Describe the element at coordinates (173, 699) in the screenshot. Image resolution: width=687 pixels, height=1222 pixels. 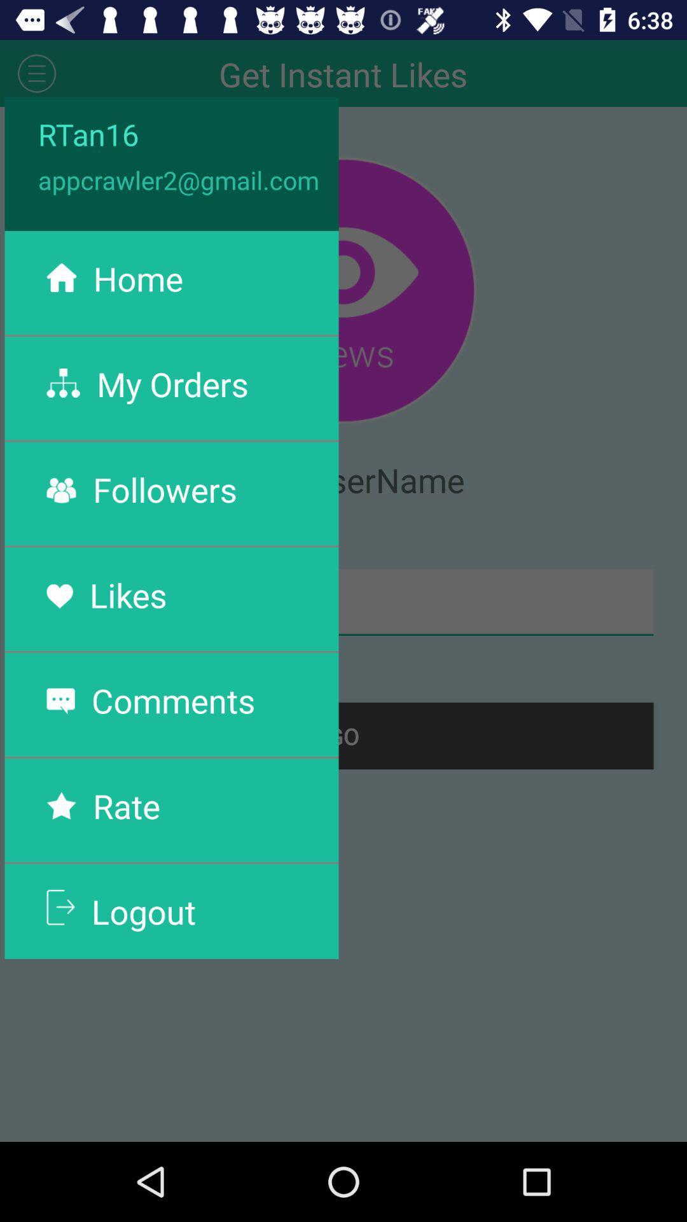
I see `comments icon` at that location.